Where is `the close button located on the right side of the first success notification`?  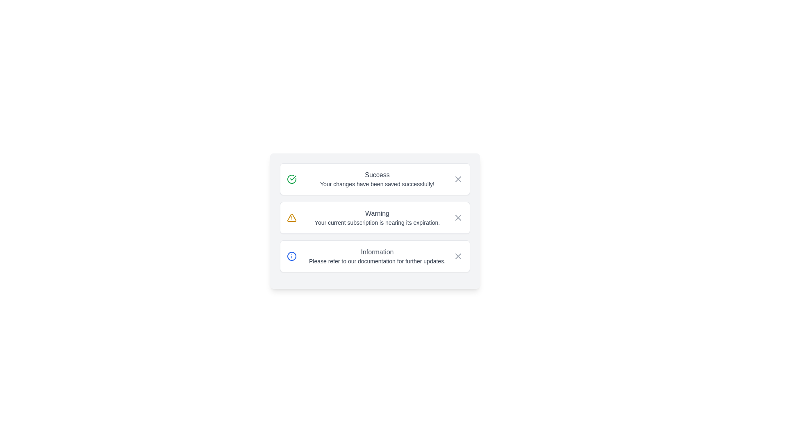 the close button located on the right side of the first success notification is located at coordinates (457, 178).